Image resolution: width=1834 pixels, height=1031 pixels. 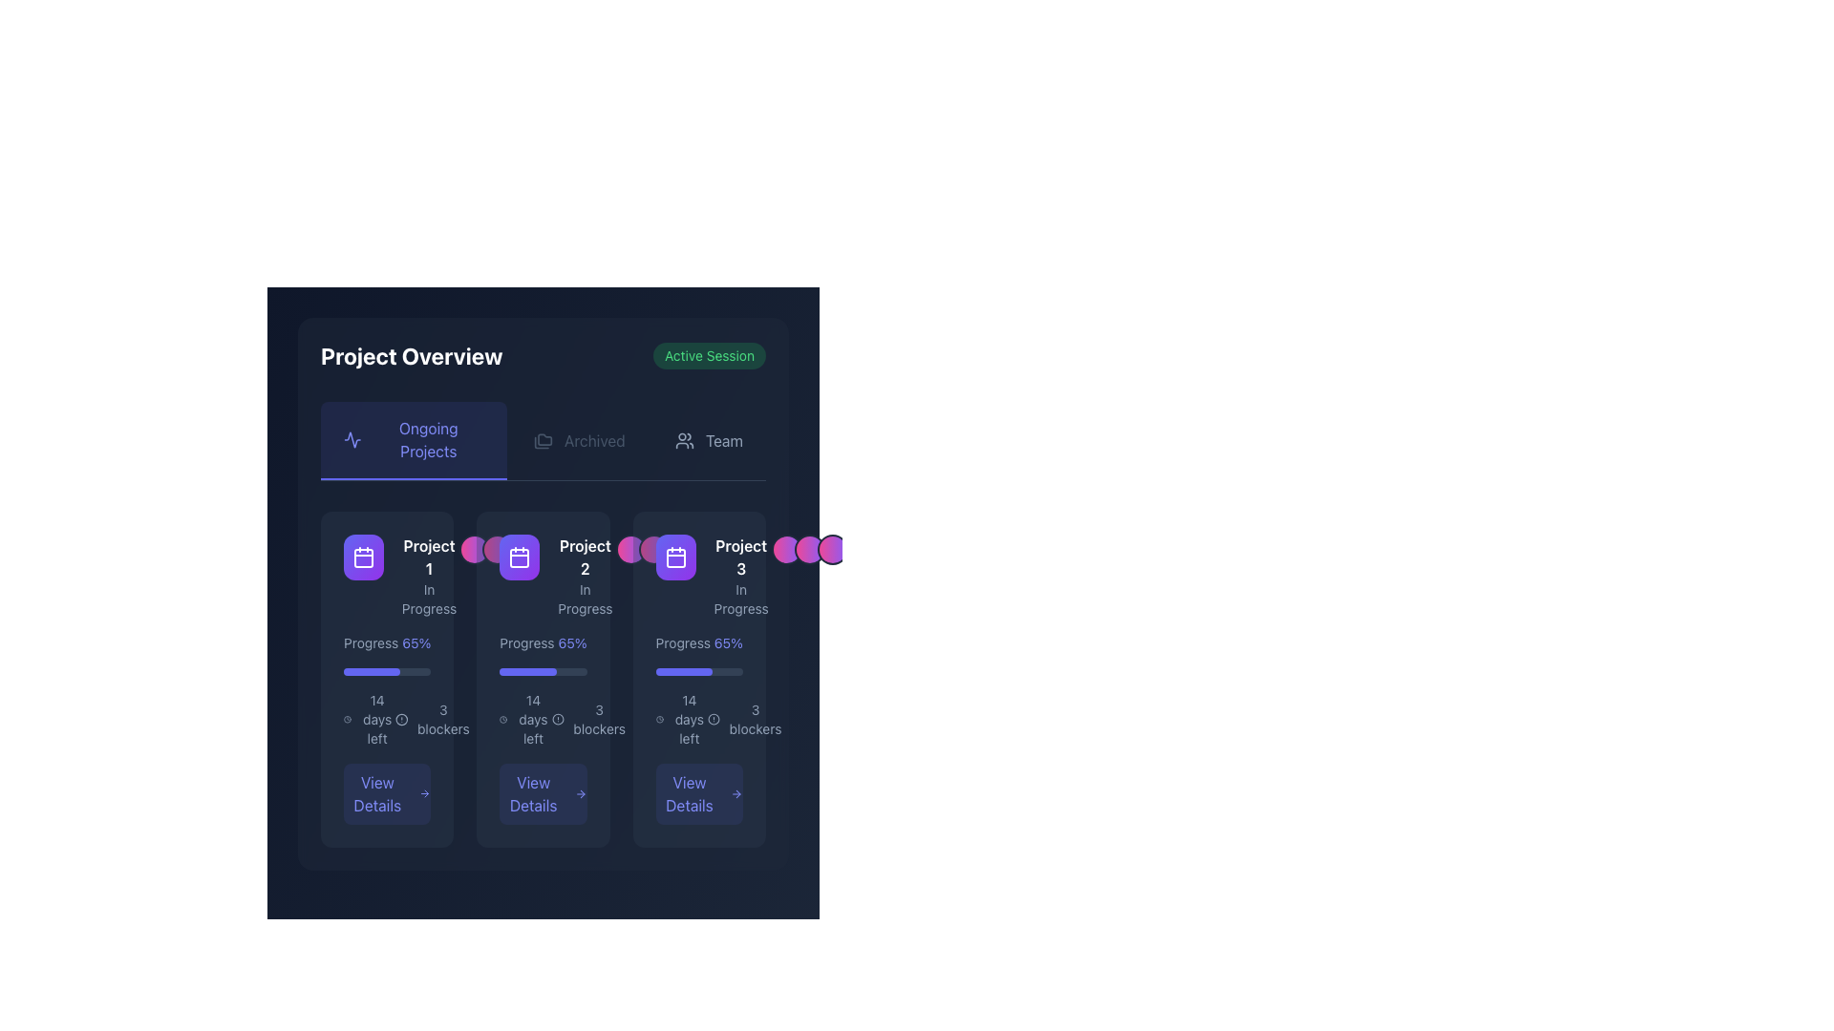 I want to click on the informational label with an icon that indicates the existence and count of blockers (three) associated with Project 1, located below the 'Progress 65%' indicator and to the right of the '14 days left' label in the 'Ongoing Projects' area, so click(x=432, y=719).